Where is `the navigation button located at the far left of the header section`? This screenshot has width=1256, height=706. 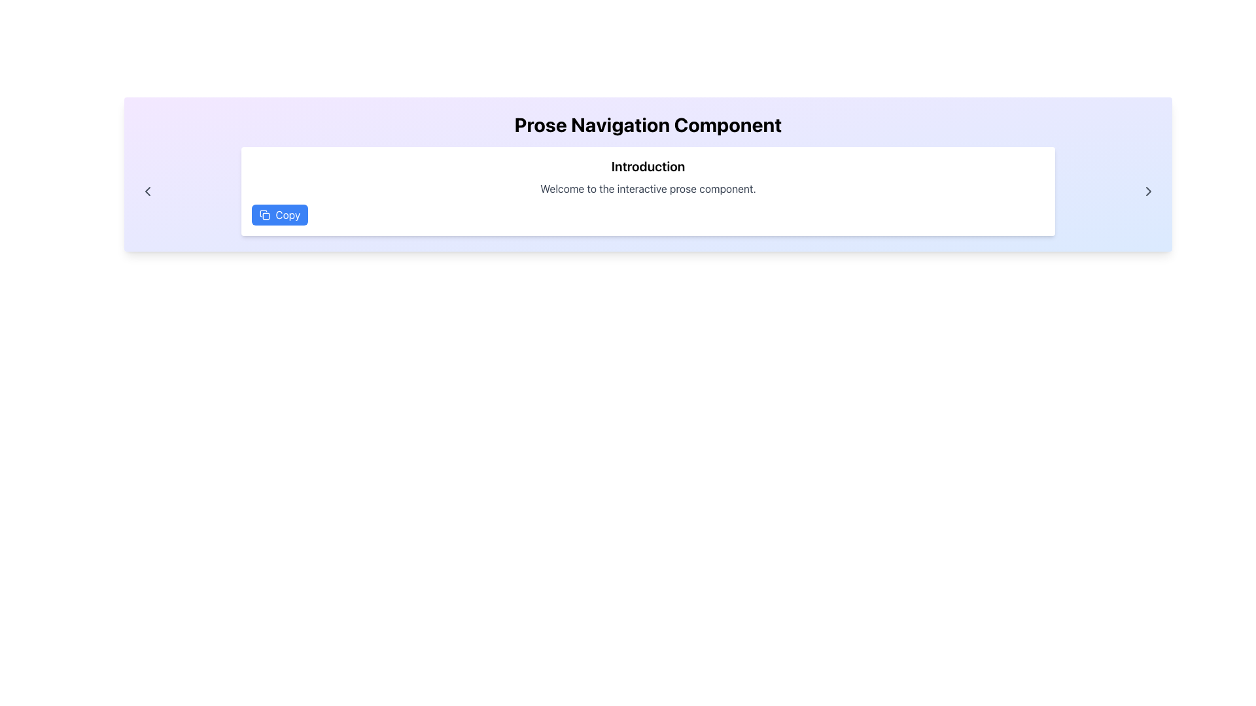
the navigation button located at the far left of the header section is located at coordinates (147, 192).